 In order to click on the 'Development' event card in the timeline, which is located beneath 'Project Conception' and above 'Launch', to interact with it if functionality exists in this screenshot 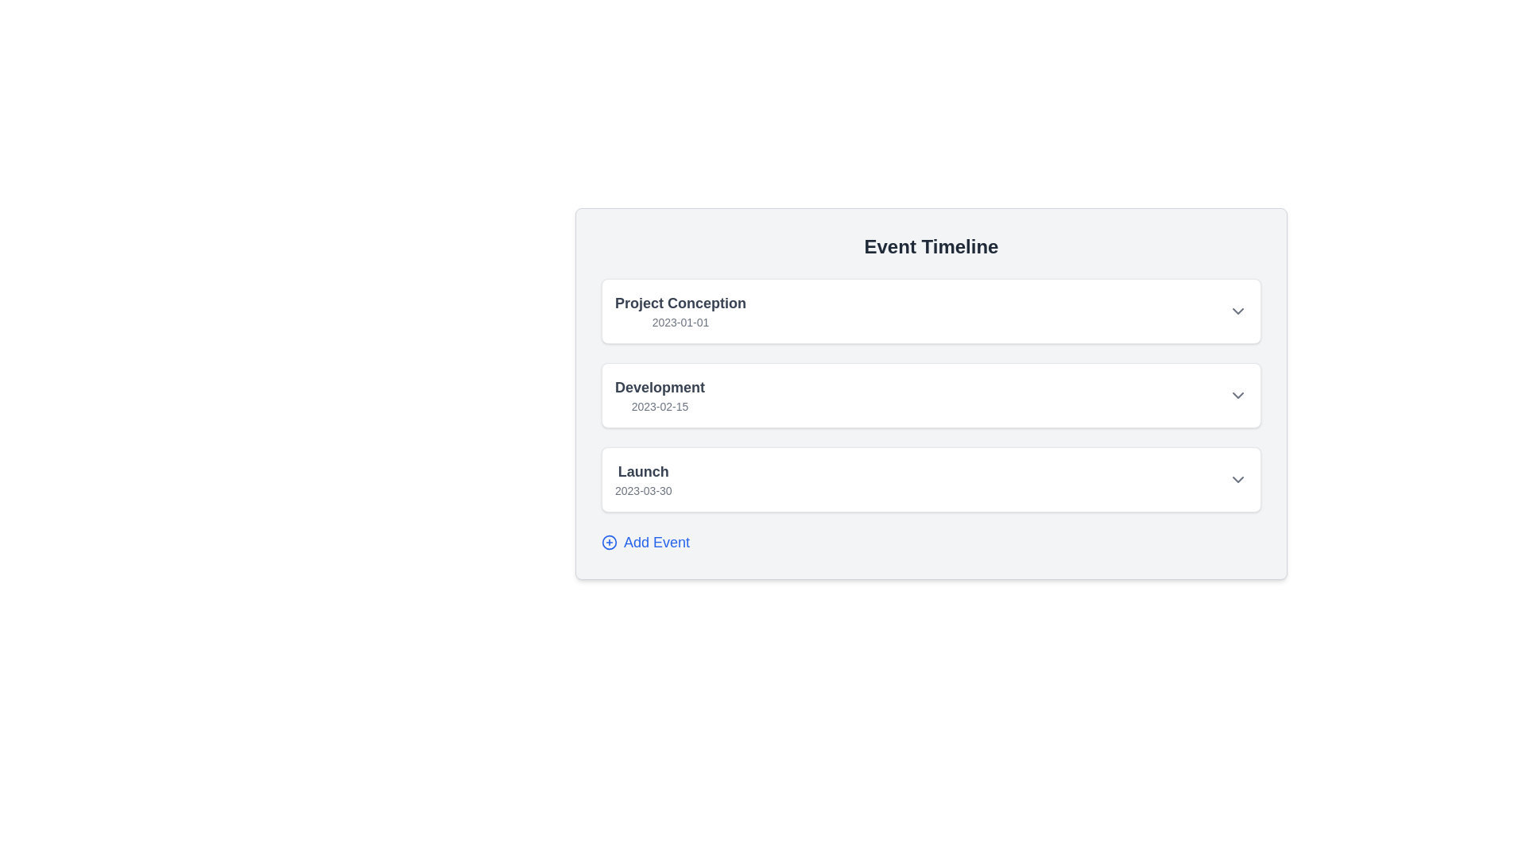, I will do `click(931, 394)`.